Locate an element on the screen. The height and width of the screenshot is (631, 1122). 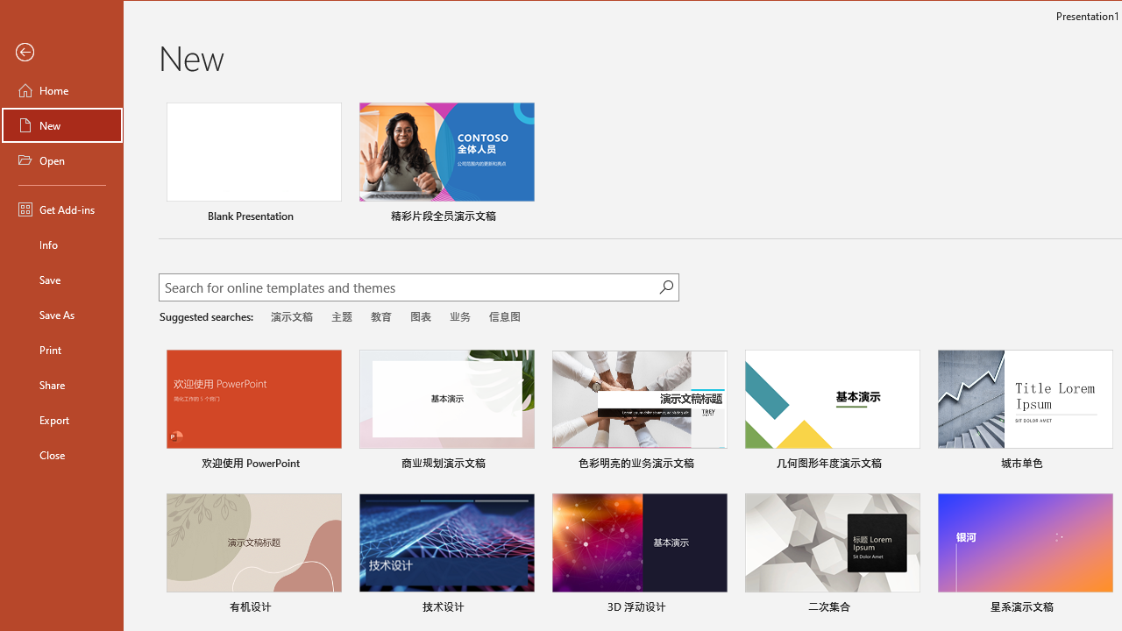
'Get Add-ins' is located at coordinates (62, 209).